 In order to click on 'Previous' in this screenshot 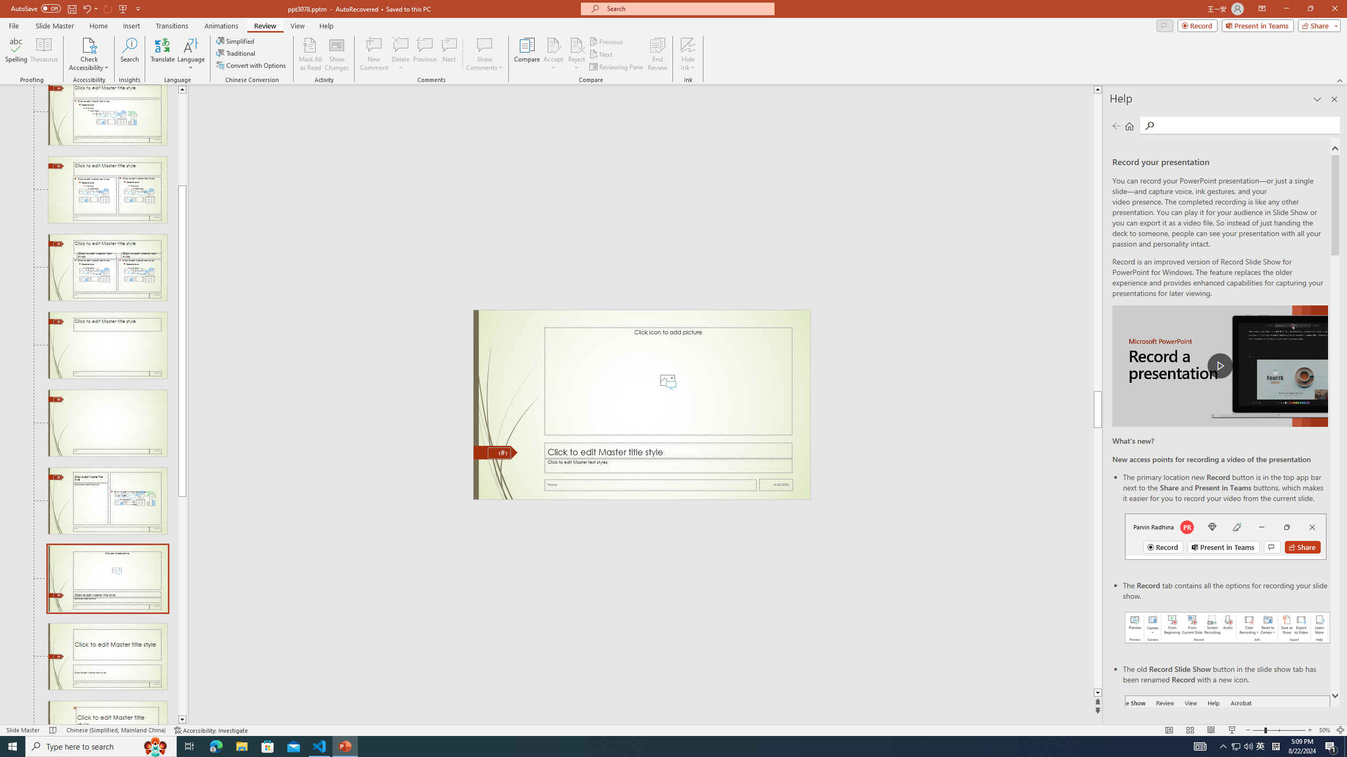, I will do `click(607, 41)`.